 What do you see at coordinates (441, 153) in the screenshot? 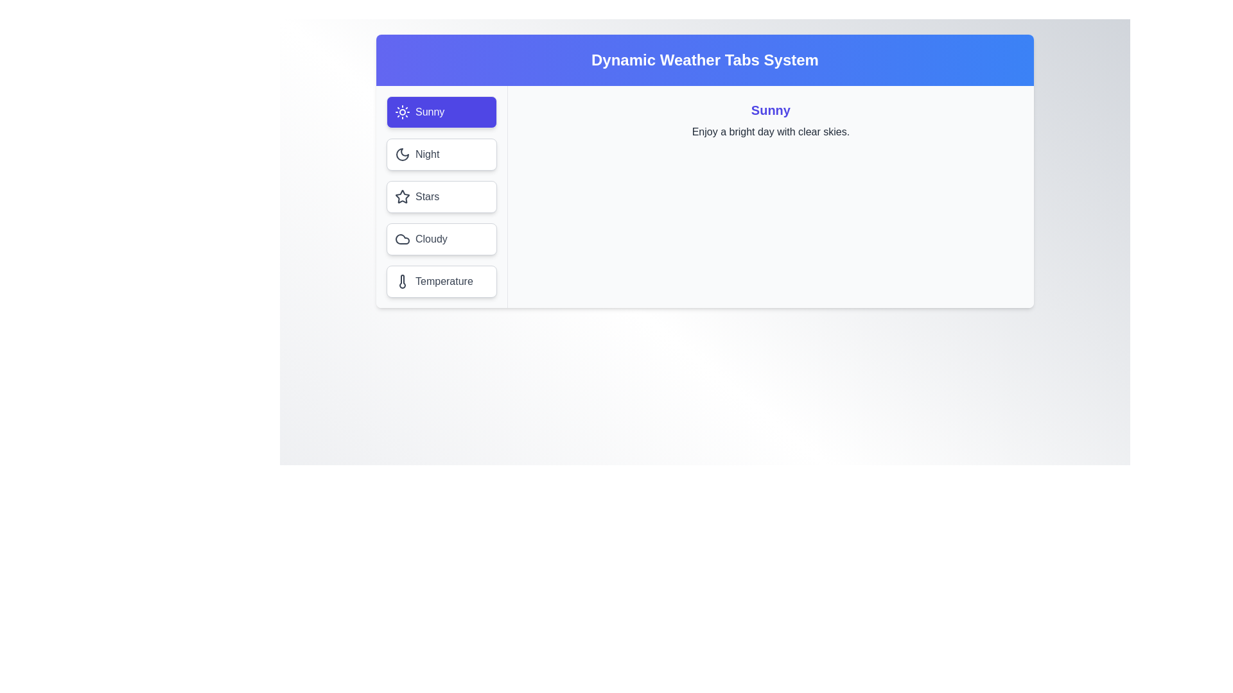
I see `the tab corresponding to the weather condition Night to view its content` at bounding box center [441, 153].